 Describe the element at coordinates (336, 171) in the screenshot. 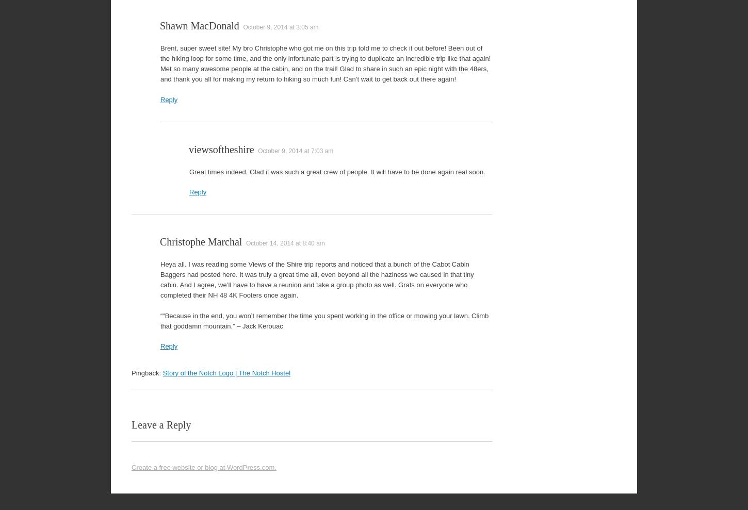

I see `'Great times indeed. Glad it was such a great crew of people. It will have to be done again real soon.'` at that location.